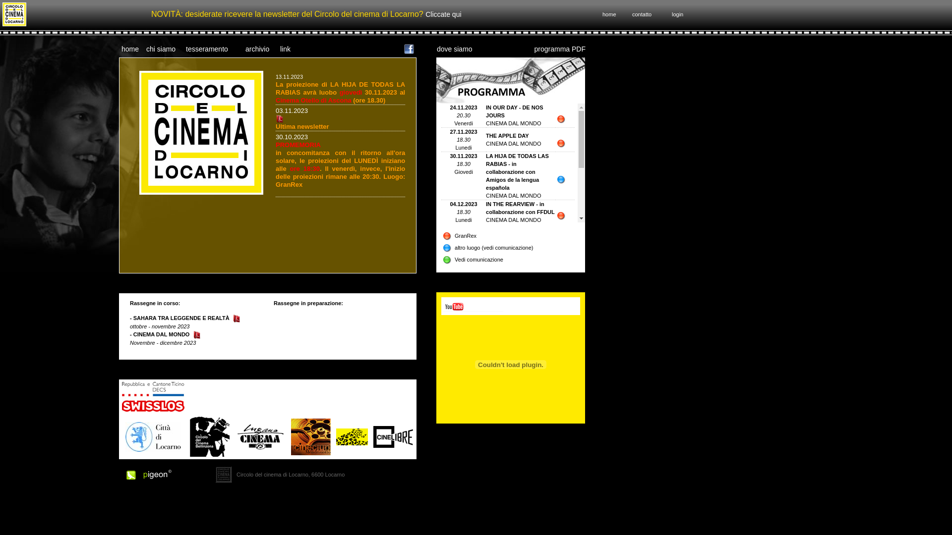 The height and width of the screenshot is (535, 952). What do you see at coordinates (507, 135) in the screenshot?
I see `'THE APPLE DAY'` at bounding box center [507, 135].